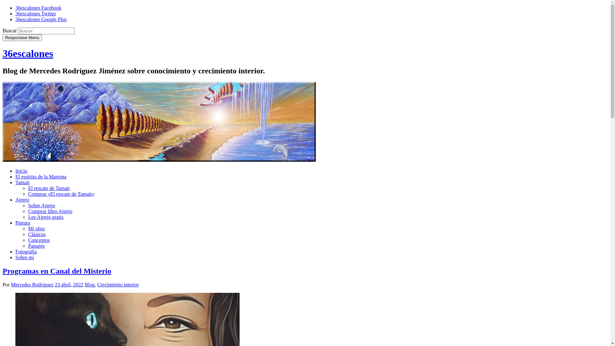 This screenshot has width=615, height=346. Describe the element at coordinates (28, 217) in the screenshot. I see `'Lee Ajenjo gratis'` at that location.